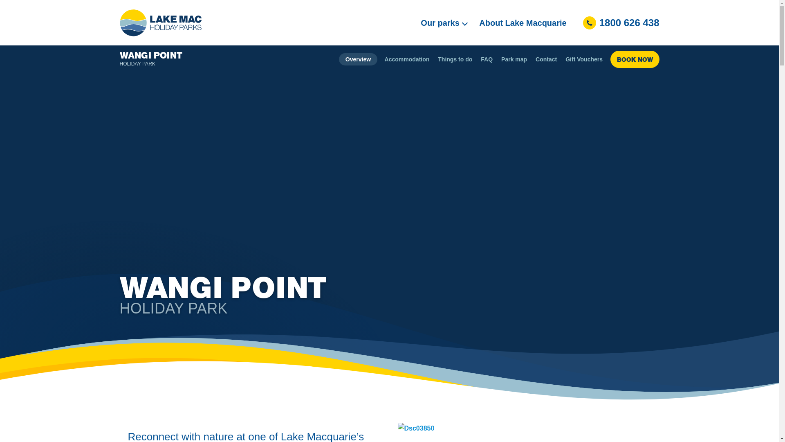 This screenshot has width=785, height=442. Describe the element at coordinates (455, 59) in the screenshot. I see `'Things to do'` at that location.